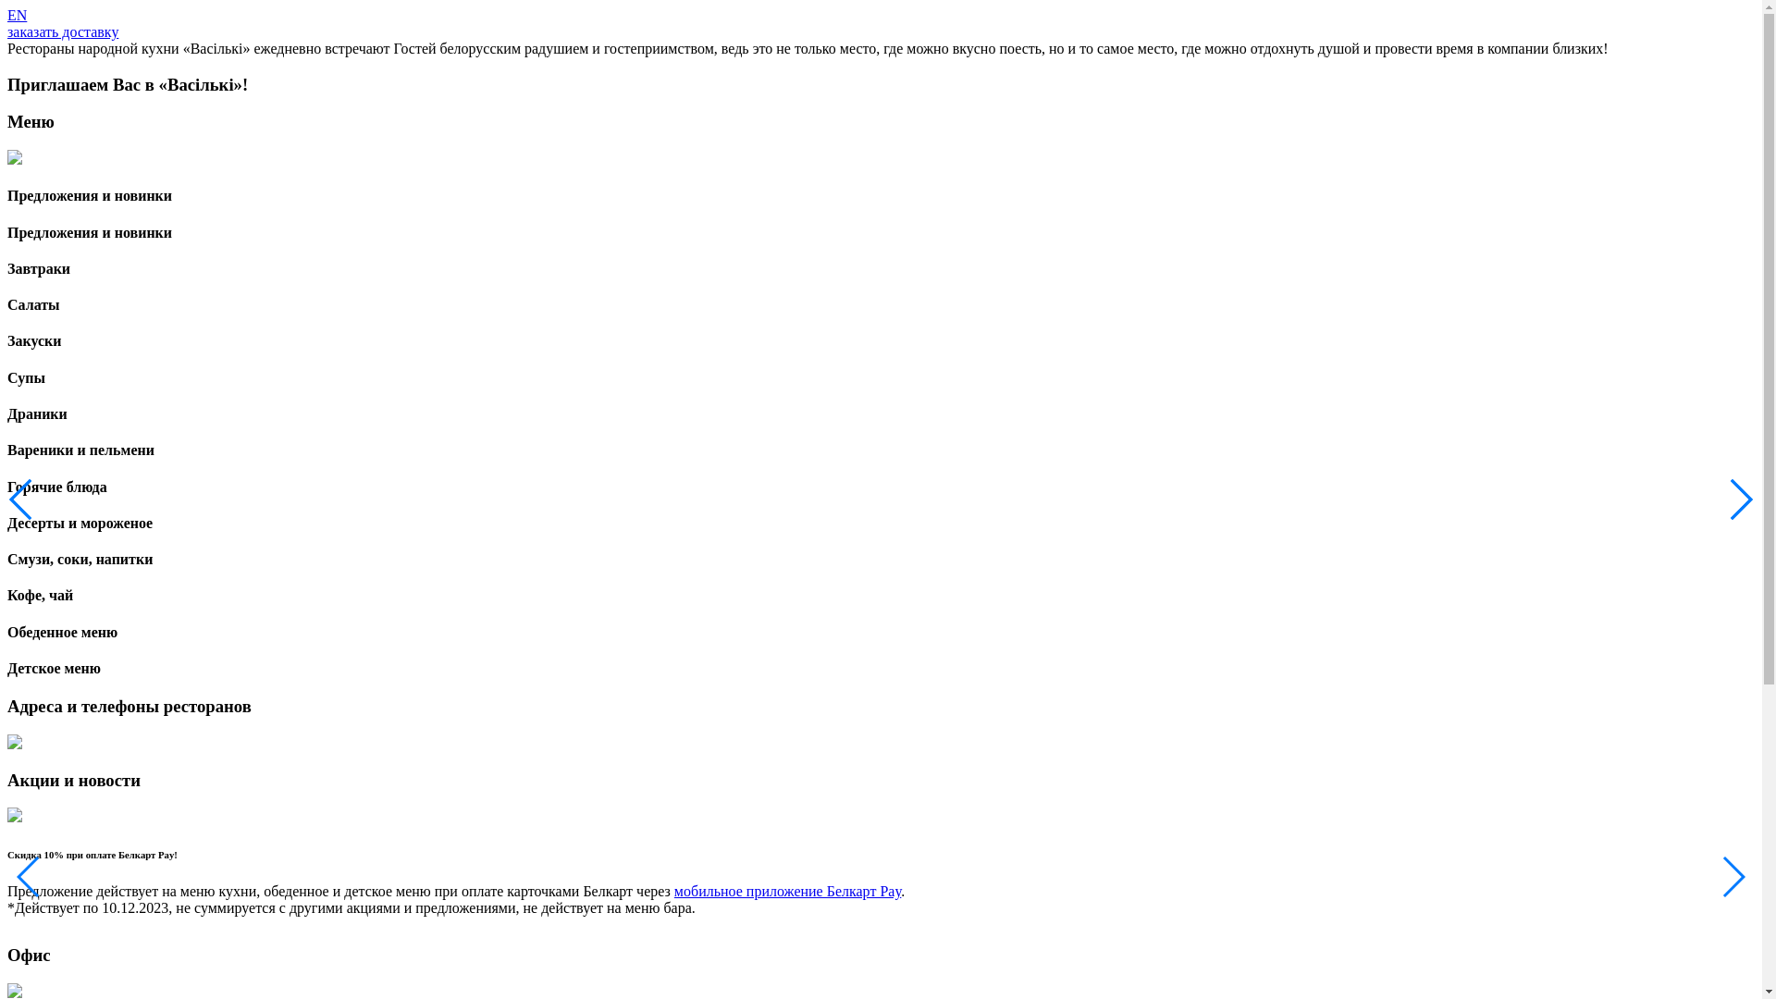  What do you see at coordinates (17, 15) in the screenshot?
I see `'EN'` at bounding box center [17, 15].